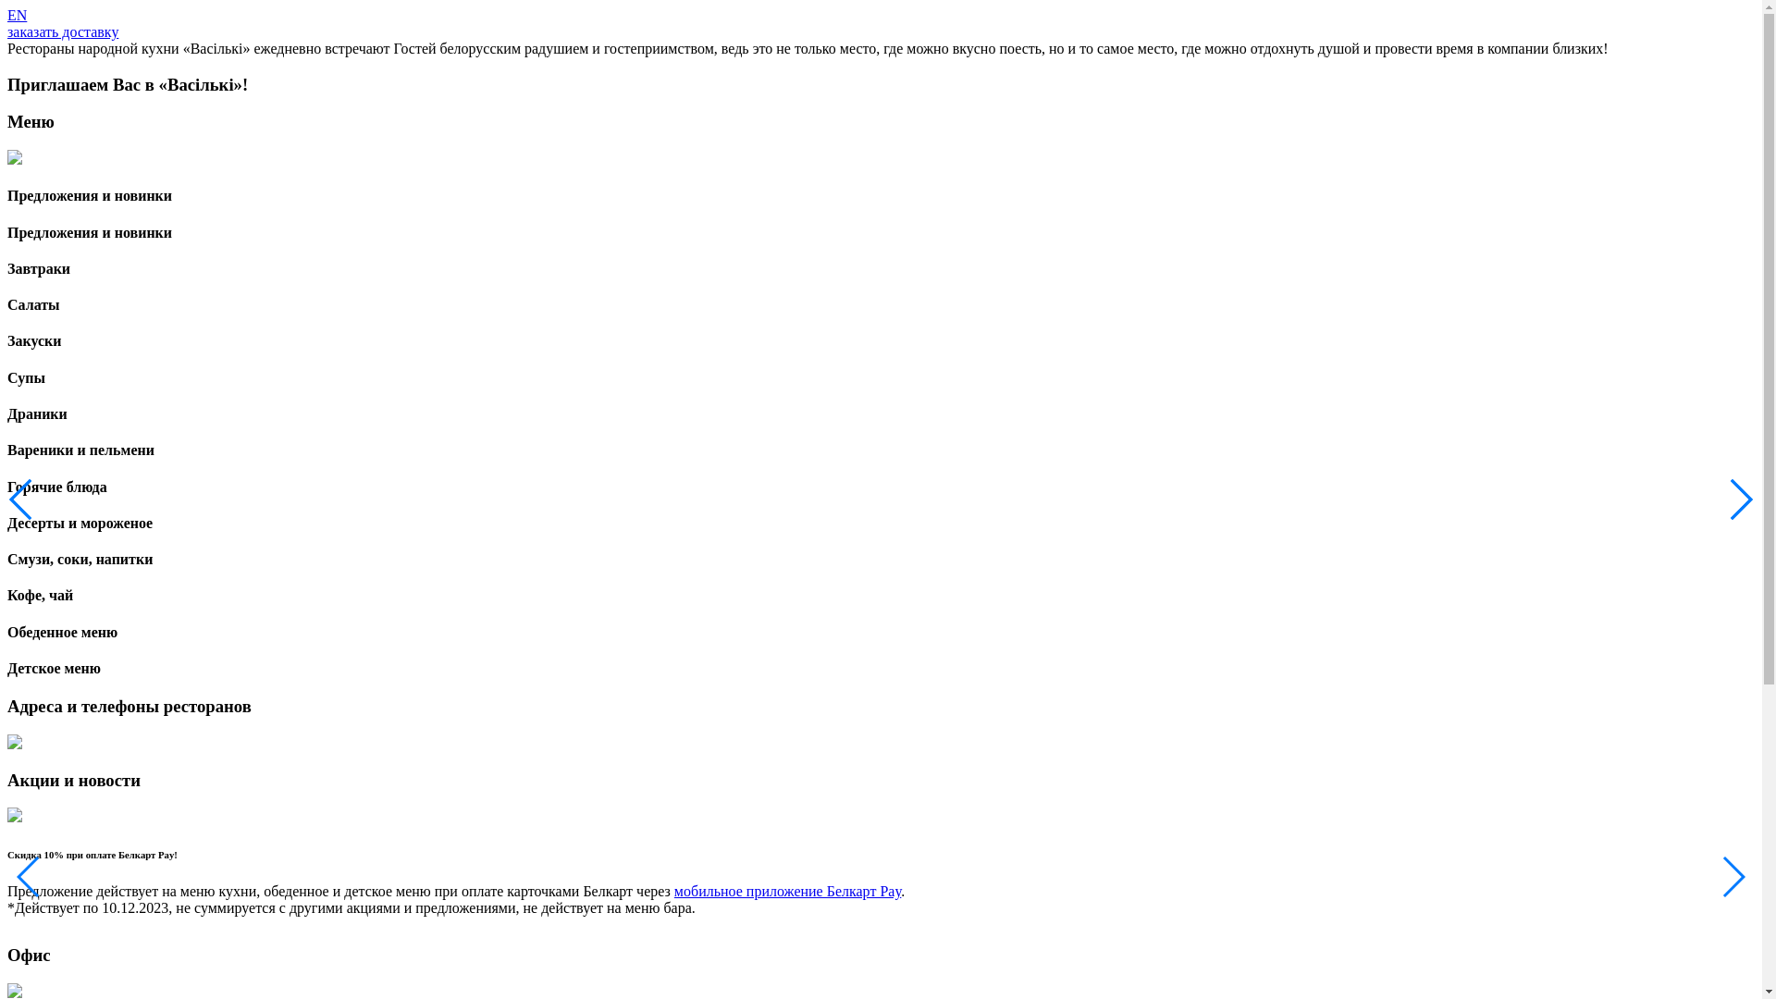  What do you see at coordinates (17, 15) in the screenshot?
I see `'EN'` at bounding box center [17, 15].